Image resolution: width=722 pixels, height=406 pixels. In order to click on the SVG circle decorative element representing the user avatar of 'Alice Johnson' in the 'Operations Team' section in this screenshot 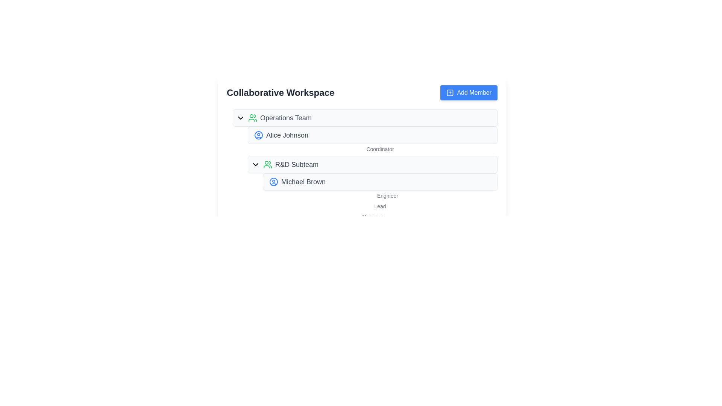, I will do `click(258, 135)`.